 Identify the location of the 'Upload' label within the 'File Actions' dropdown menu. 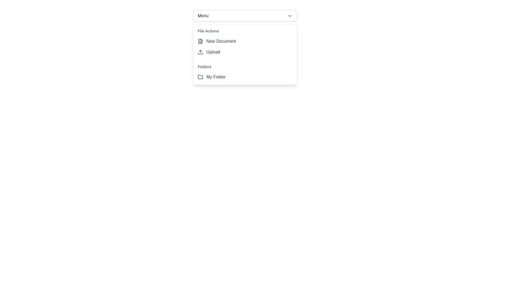
(213, 52).